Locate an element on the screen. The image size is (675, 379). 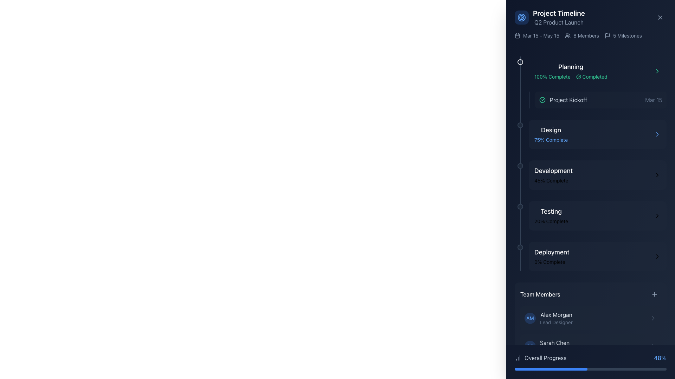
progress information displayed in the 'Development' text caption, which shows '45% Complete' is located at coordinates (553, 174).